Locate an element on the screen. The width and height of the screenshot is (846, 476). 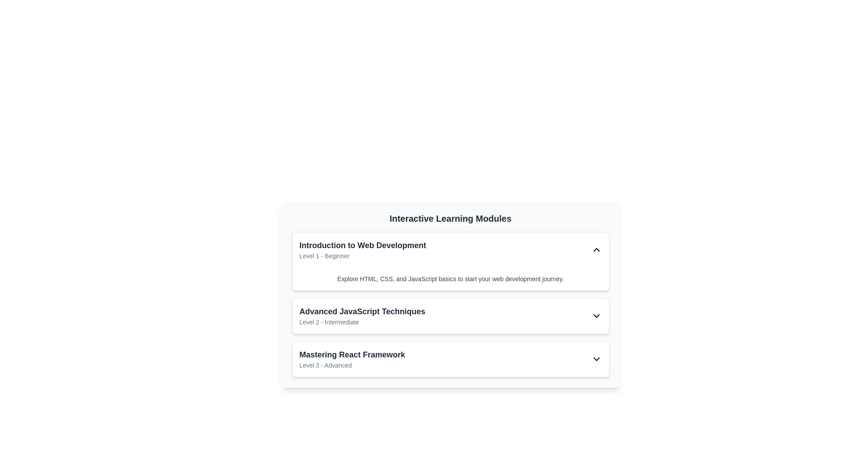
the third item in the list of interactive learning modules is located at coordinates (450, 359).